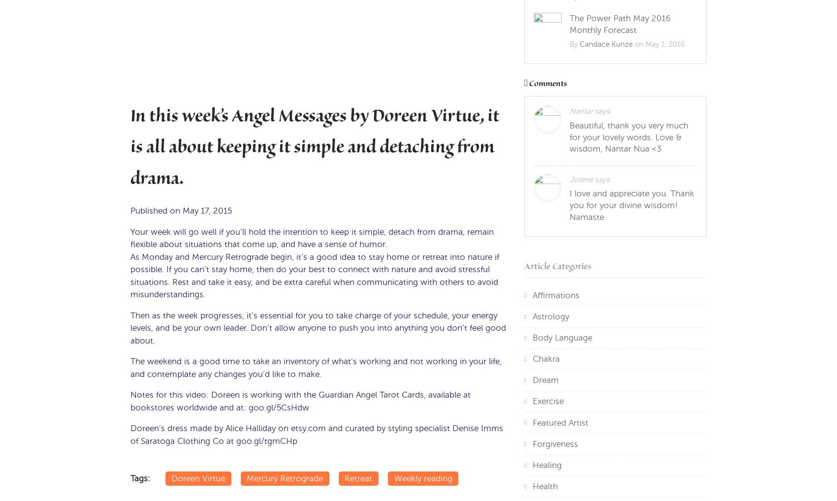  What do you see at coordinates (246, 478) in the screenshot?
I see `'Mercury Retrograde'` at bounding box center [246, 478].